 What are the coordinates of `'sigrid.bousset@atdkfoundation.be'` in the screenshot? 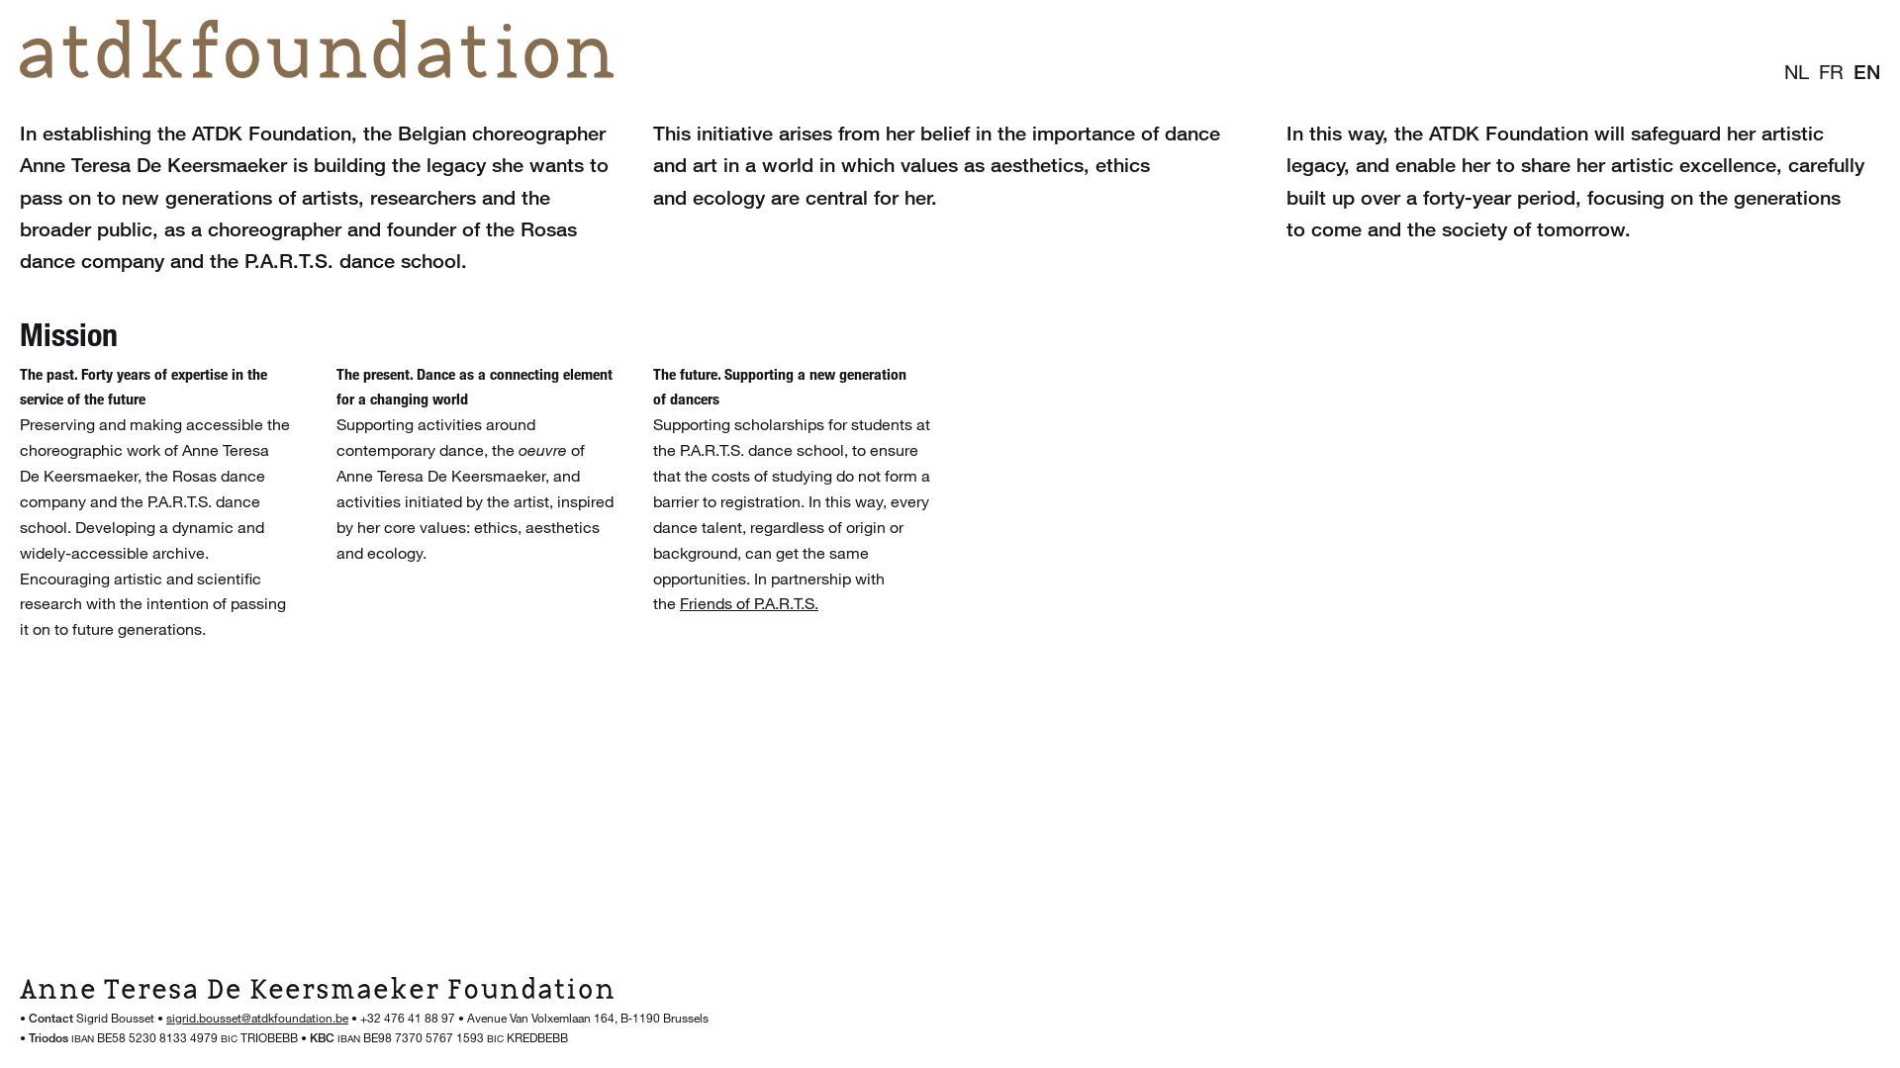 It's located at (255, 1018).